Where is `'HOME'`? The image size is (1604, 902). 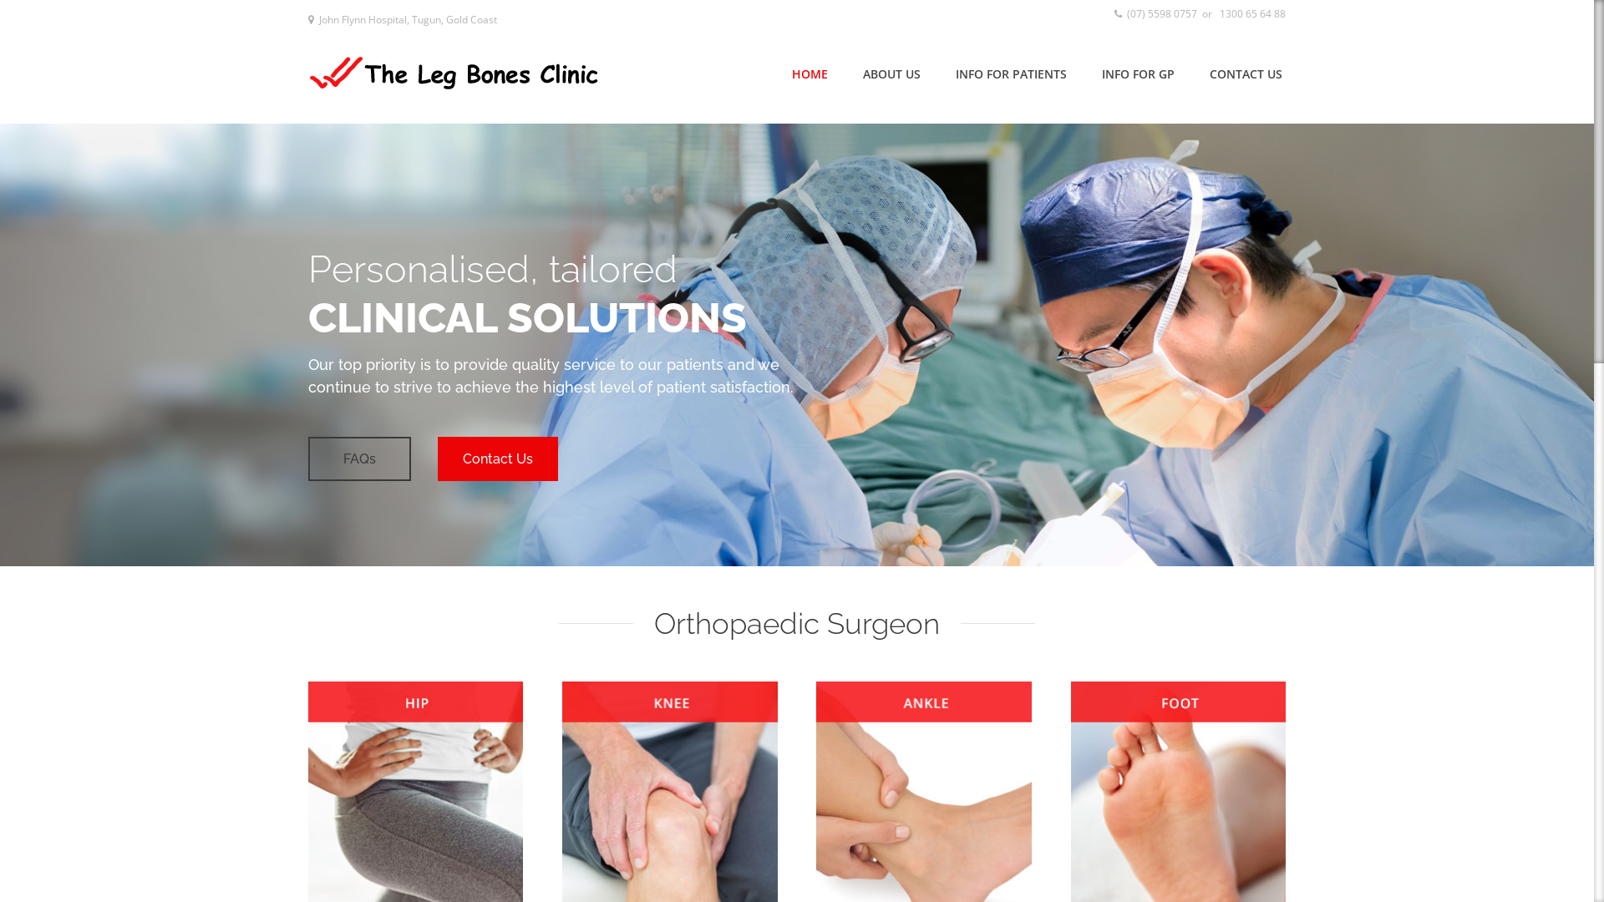
'HOME' is located at coordinates (810, 73).